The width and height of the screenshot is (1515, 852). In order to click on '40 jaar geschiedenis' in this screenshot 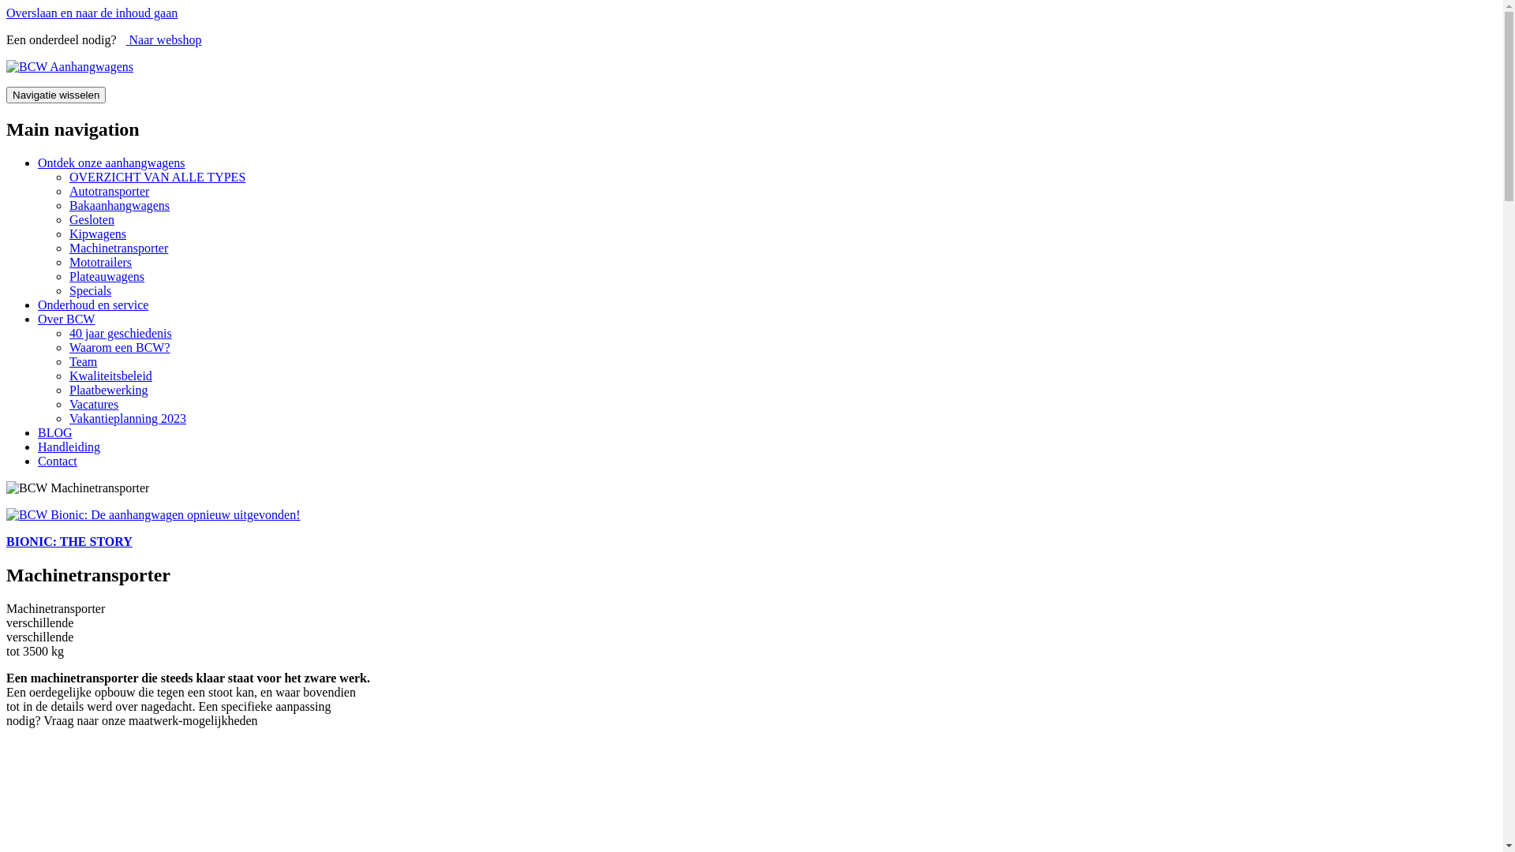, I will do `click(120, 332)`.